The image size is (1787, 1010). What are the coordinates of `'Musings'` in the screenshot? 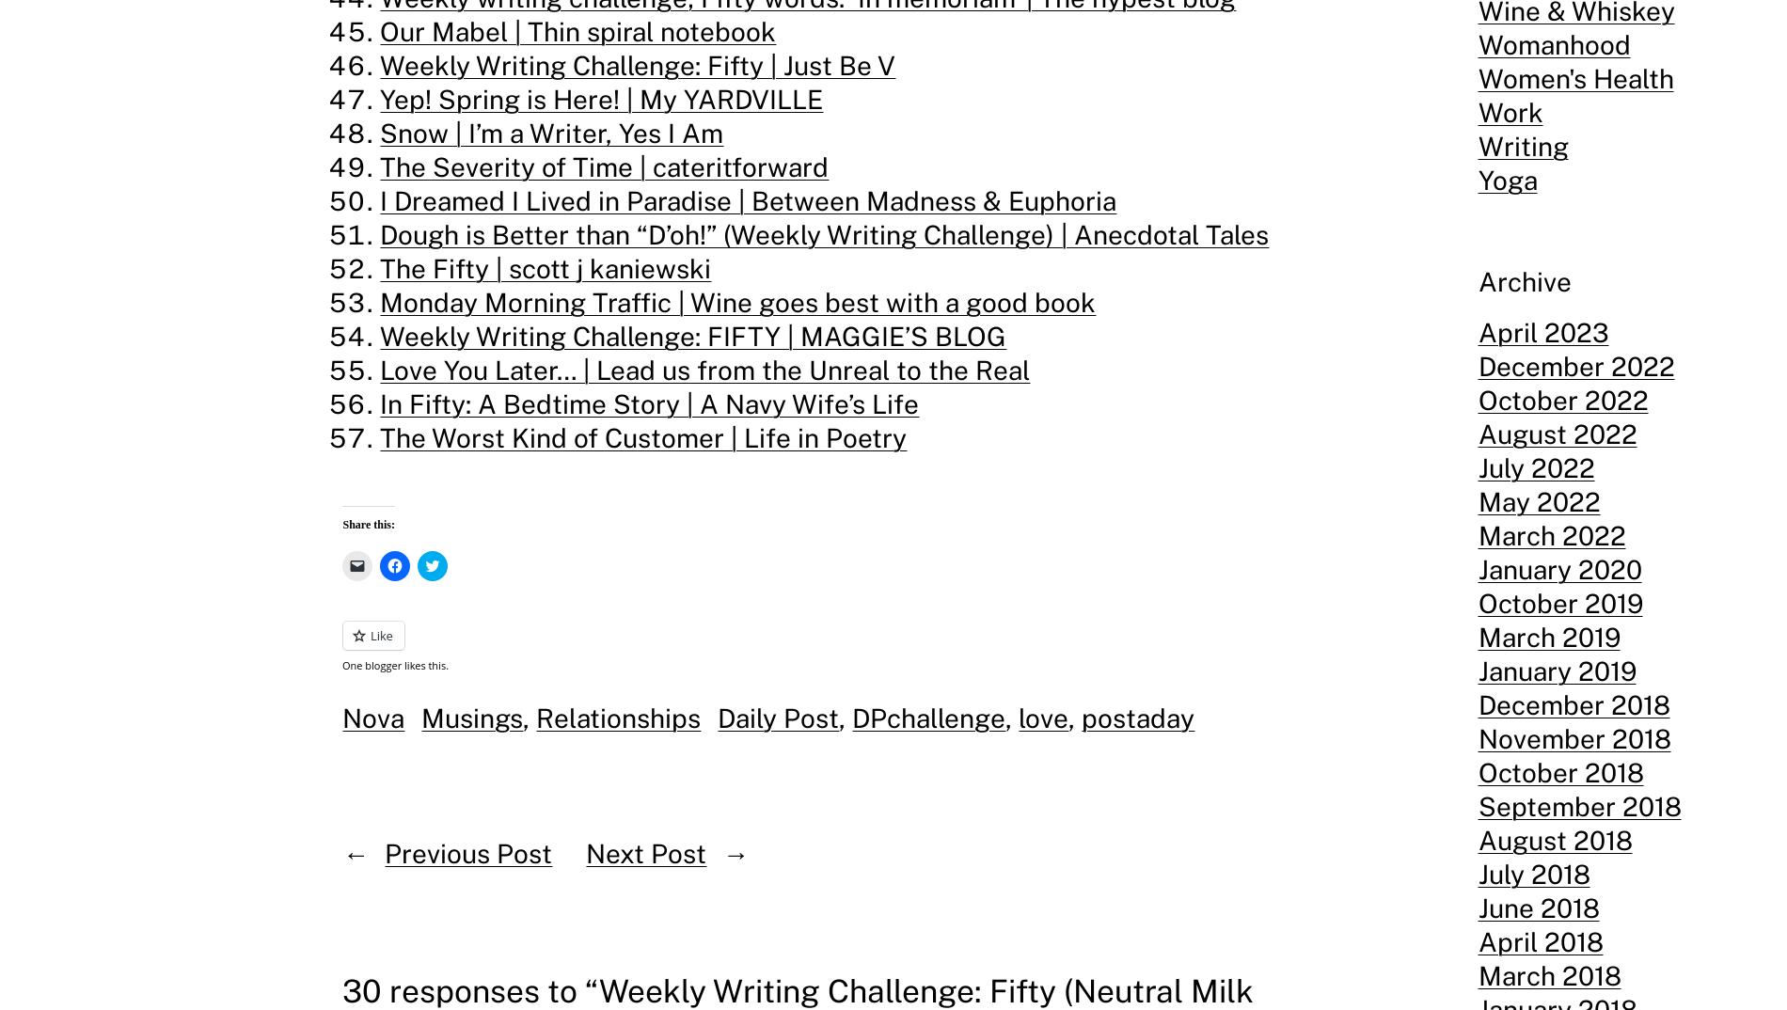 It's located at (471, 716).